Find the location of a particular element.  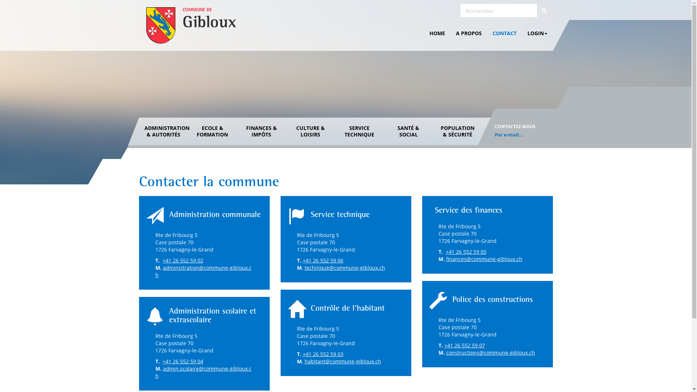

'+41 26 552 59 02' is located at coordinates (183, 260).